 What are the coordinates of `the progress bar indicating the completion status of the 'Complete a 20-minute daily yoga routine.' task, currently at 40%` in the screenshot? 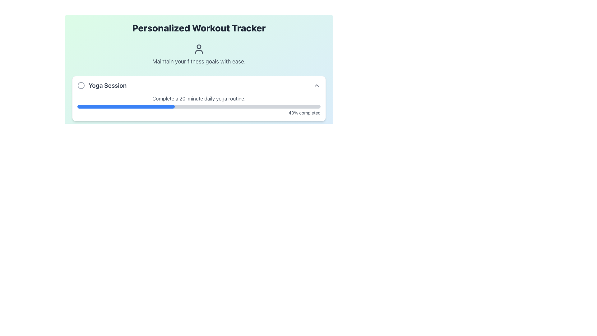 It's located at (198, 105).